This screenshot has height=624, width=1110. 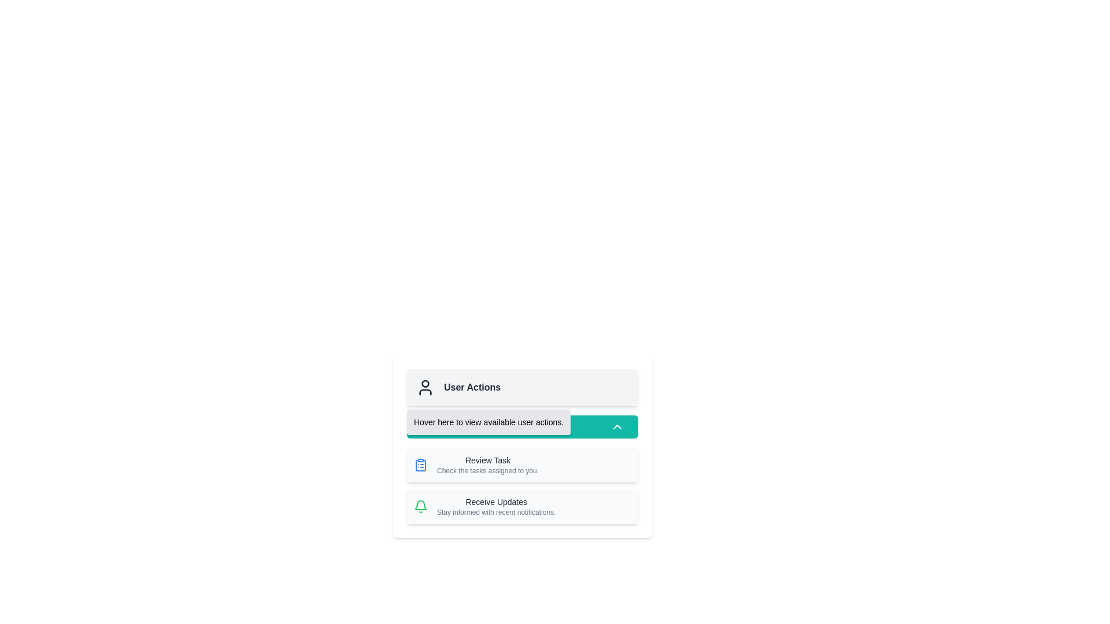 I want to click on the static text label indicating user-related actions, located at the upper section of the card following a user icon, so click(x=472, y=388).